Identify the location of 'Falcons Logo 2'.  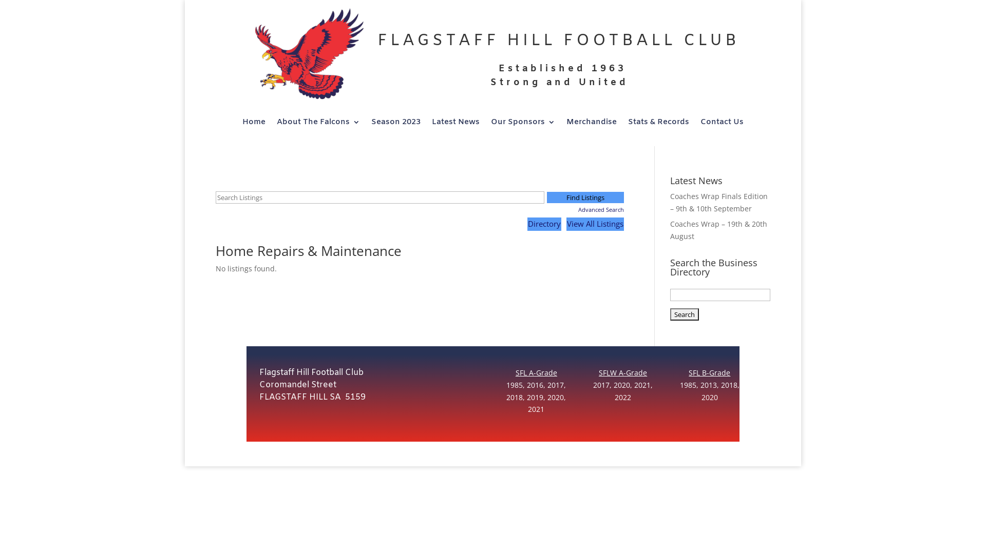
(306, 57).